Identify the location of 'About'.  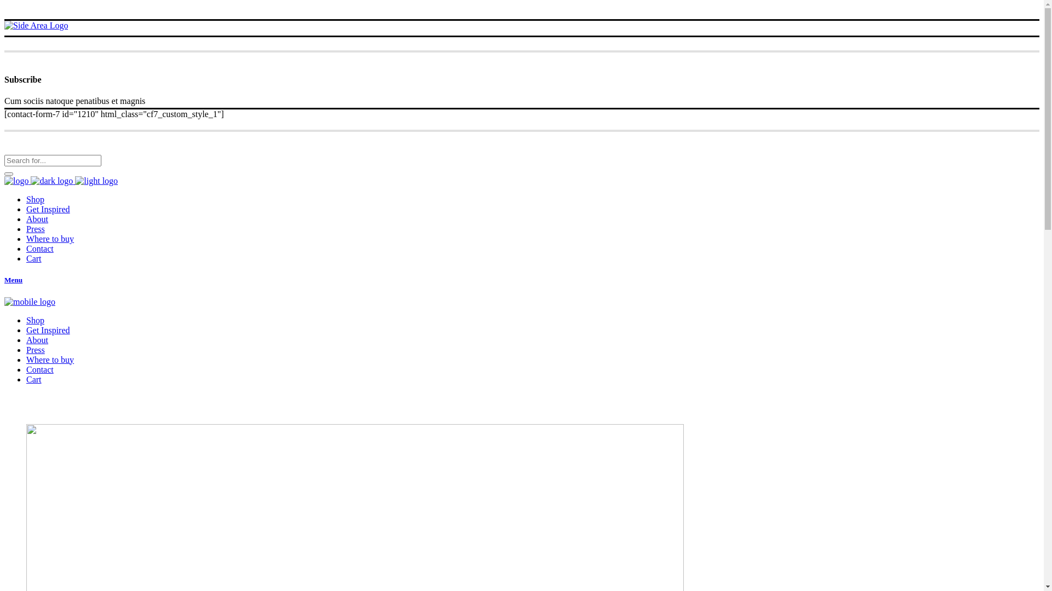
(26, 219).